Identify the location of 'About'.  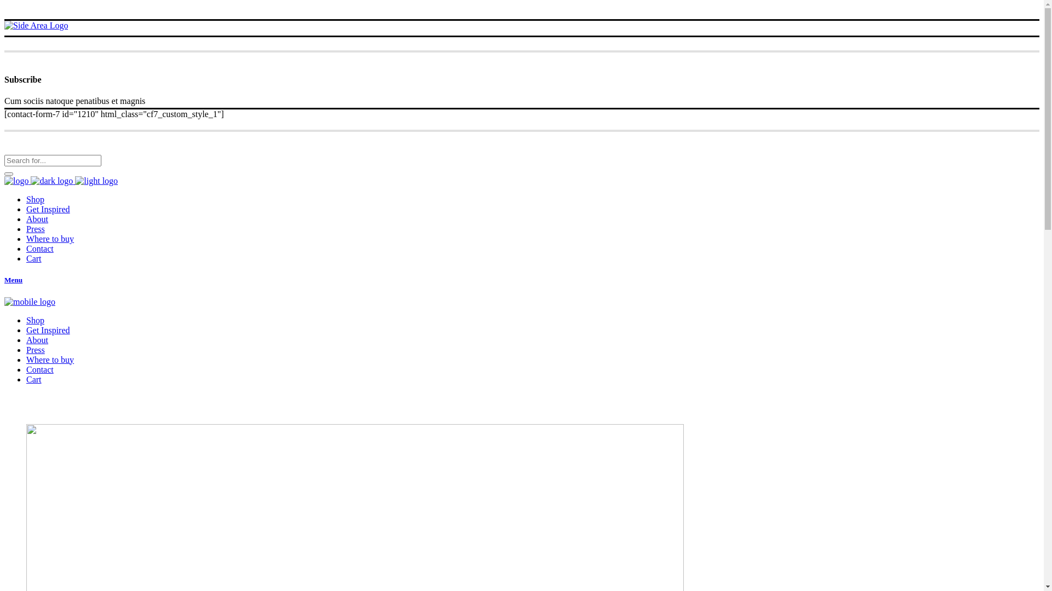
(26, 219).